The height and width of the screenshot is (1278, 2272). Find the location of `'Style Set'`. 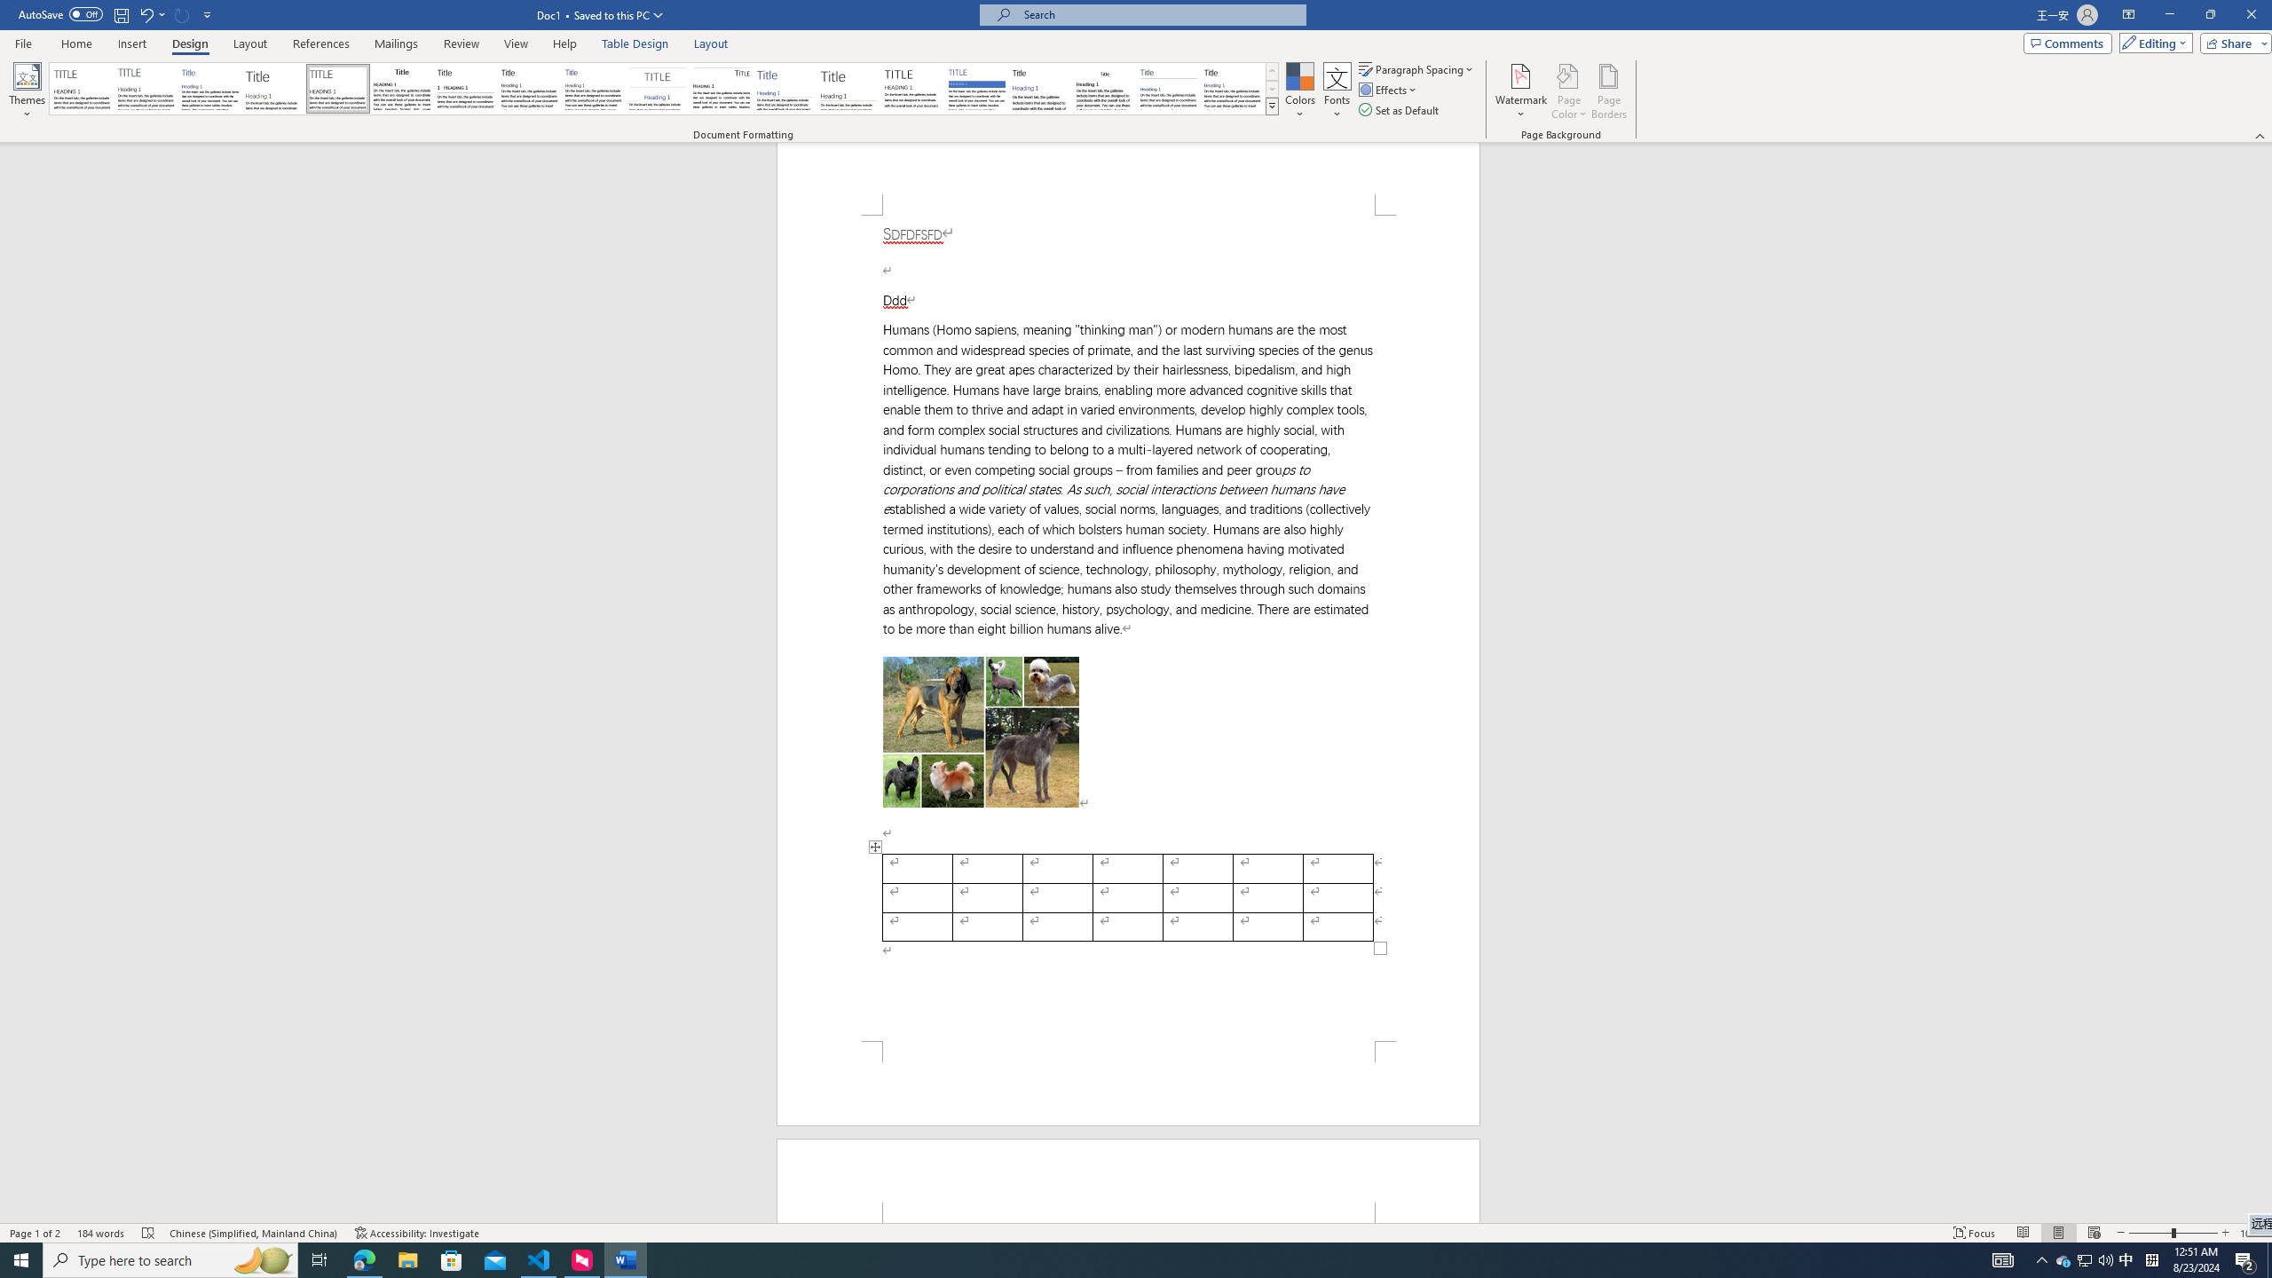

'Style Set' is located at coordinates (1271, 105).